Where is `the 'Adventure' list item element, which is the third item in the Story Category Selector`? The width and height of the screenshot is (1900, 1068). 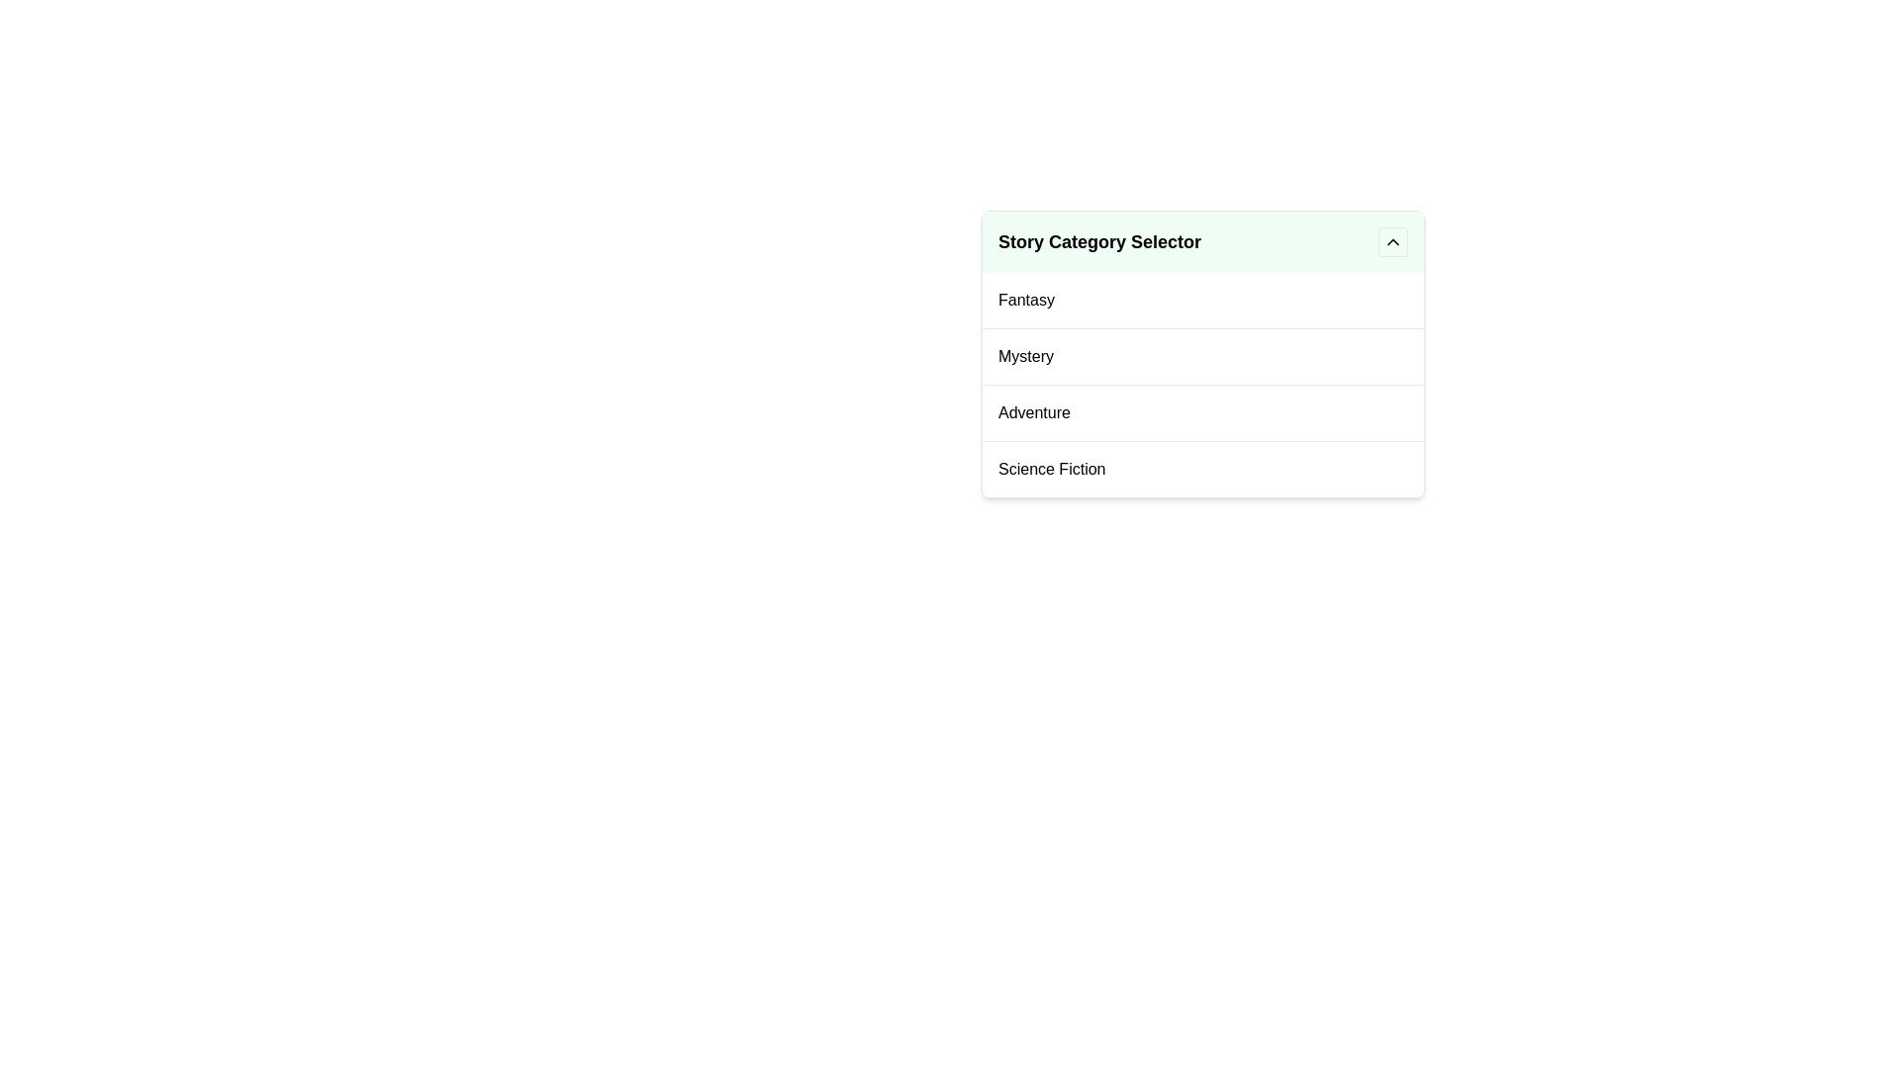 the 'Adventure' list item element, which is the third item in the Story Category Selector is located at coordinates (1201, 411).